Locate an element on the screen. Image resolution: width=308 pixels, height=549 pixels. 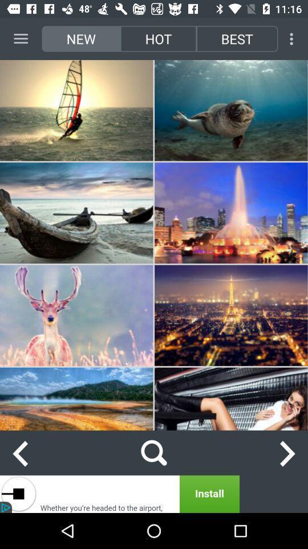
the arrow_backward icon is located at coordinates (19, 453).